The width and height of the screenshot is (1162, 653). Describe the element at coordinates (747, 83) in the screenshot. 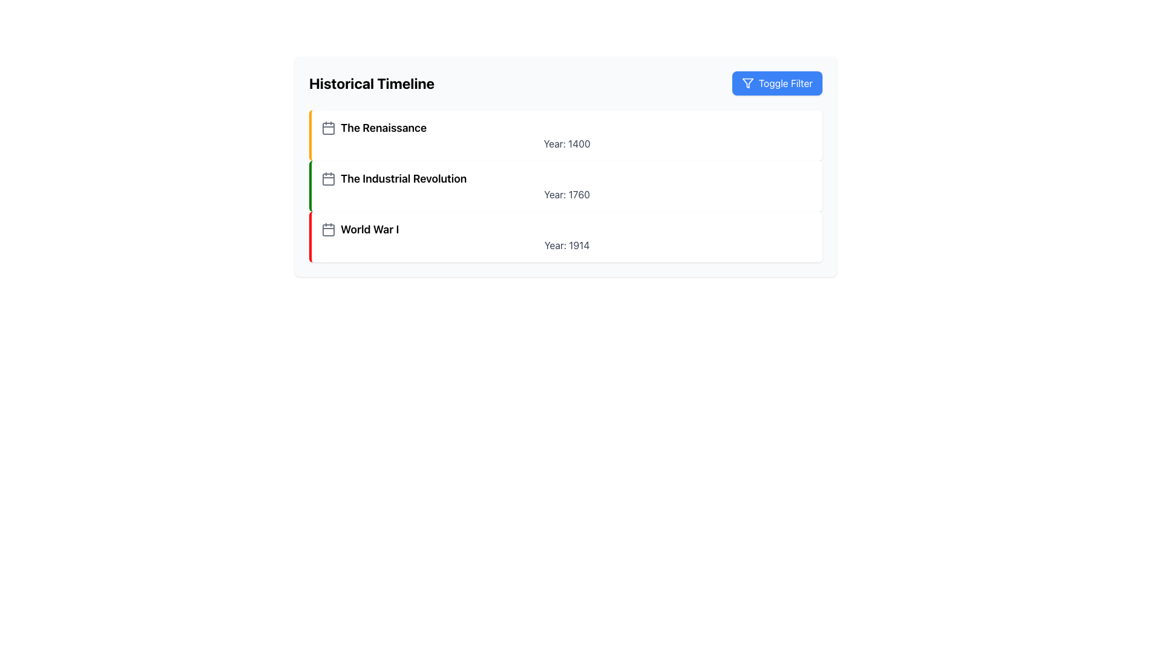

I see `the small triangular icon within the blue 'Toggle Filter' button located at the top right section of the main timeline interface` at that location.